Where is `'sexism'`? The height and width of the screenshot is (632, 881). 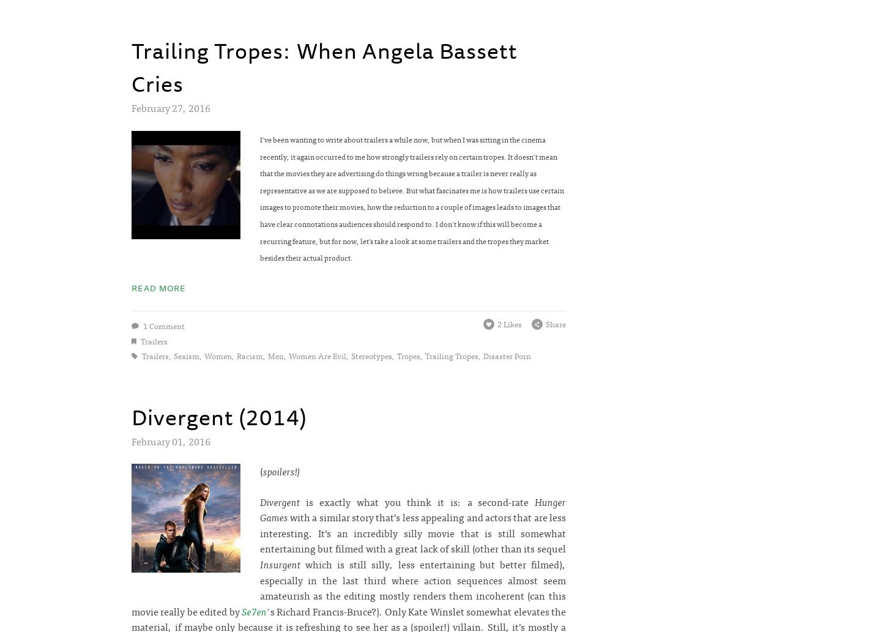 'sexism' is located at coordinates (172, 355).